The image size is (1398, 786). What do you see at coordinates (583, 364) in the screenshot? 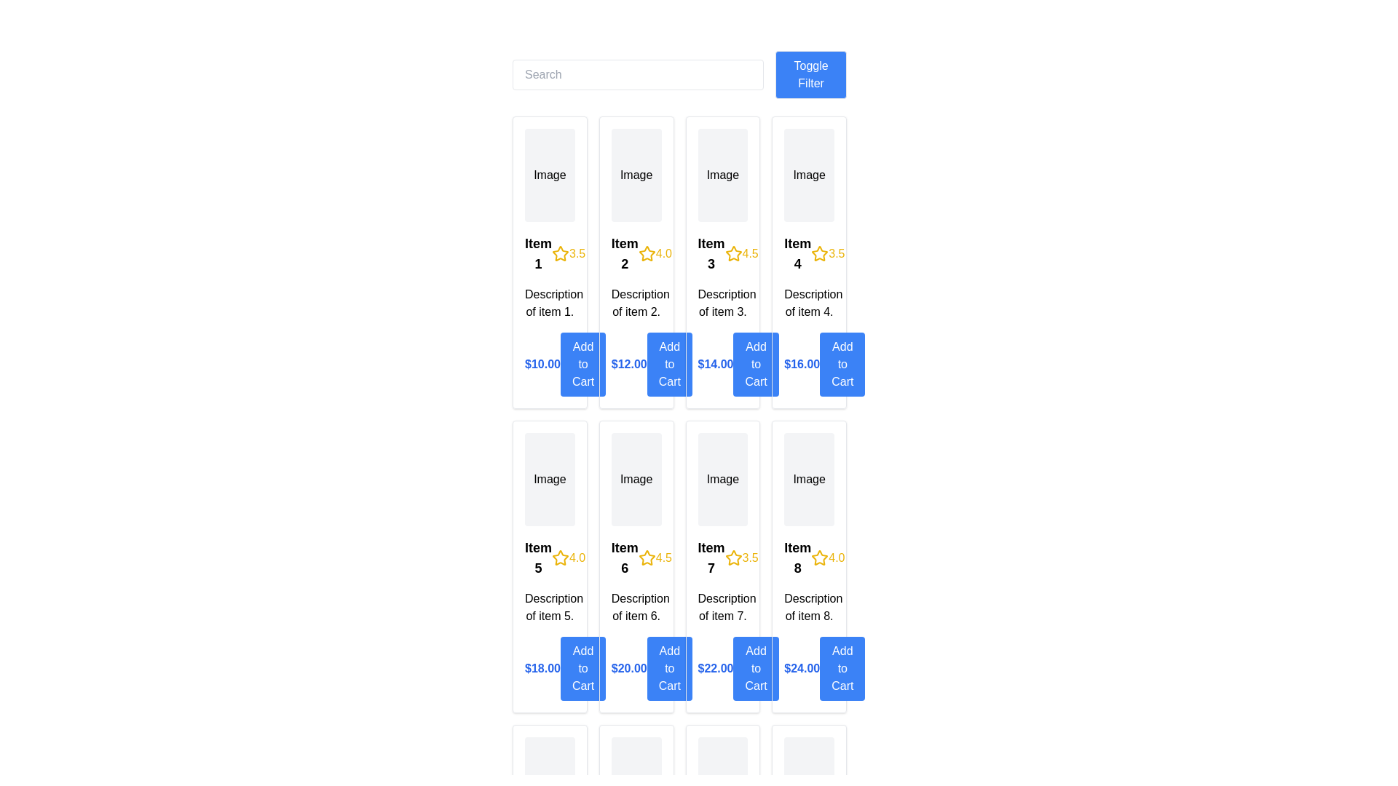
I see `the button that adds the corresponding item to the user's shopping cart, located beneath the text "$10.00" in the first column of the horizontal card layout` at bounding box center [583, 364].